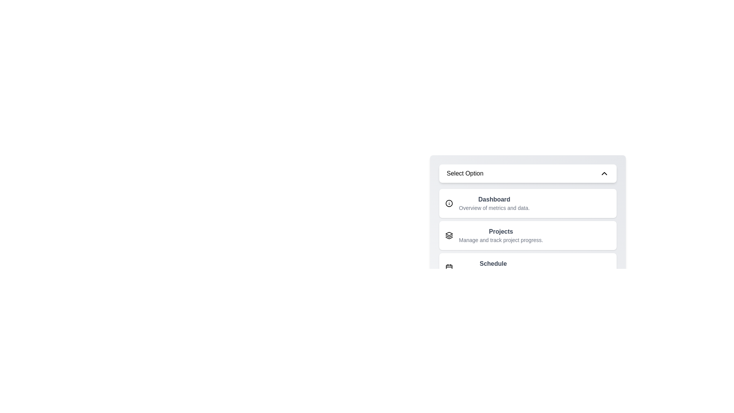 The height and width of the screenshot is (413, 734). I want to click on the option Projects from the dropdown menu, so click(527, 235).